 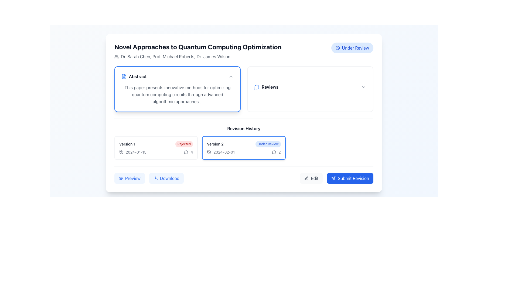 I want to click on the SVG icon resembling a paper airplane located inside the 'Submit Revision' button near the bottom-right corner of the interface, so click(x=333, y=178).